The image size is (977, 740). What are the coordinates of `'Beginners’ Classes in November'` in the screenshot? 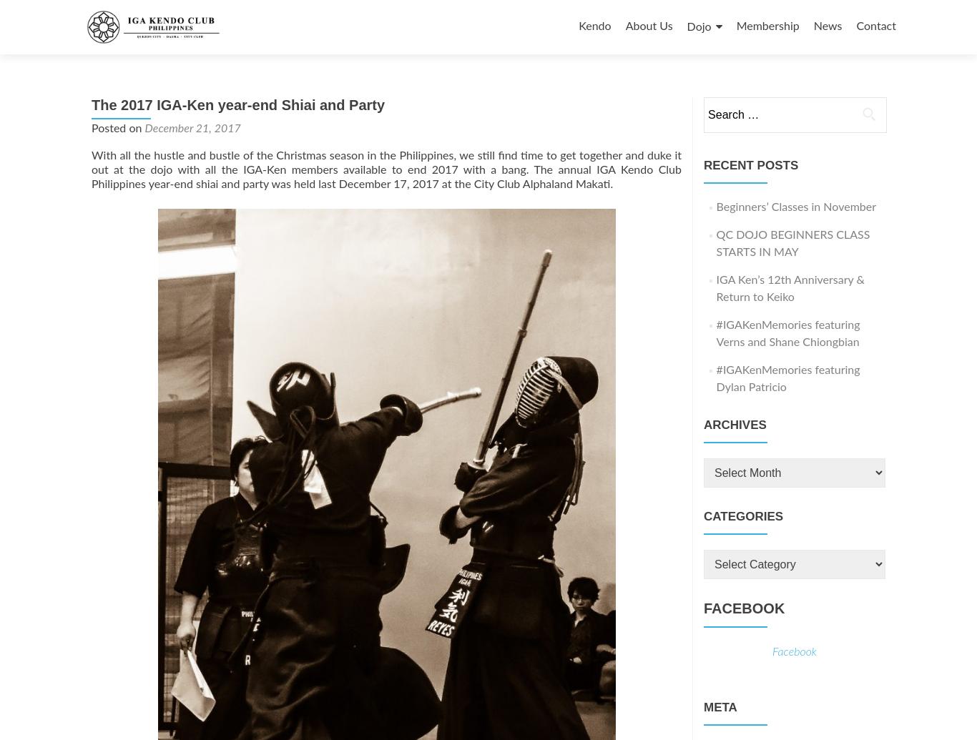 It's located at (795, 207).